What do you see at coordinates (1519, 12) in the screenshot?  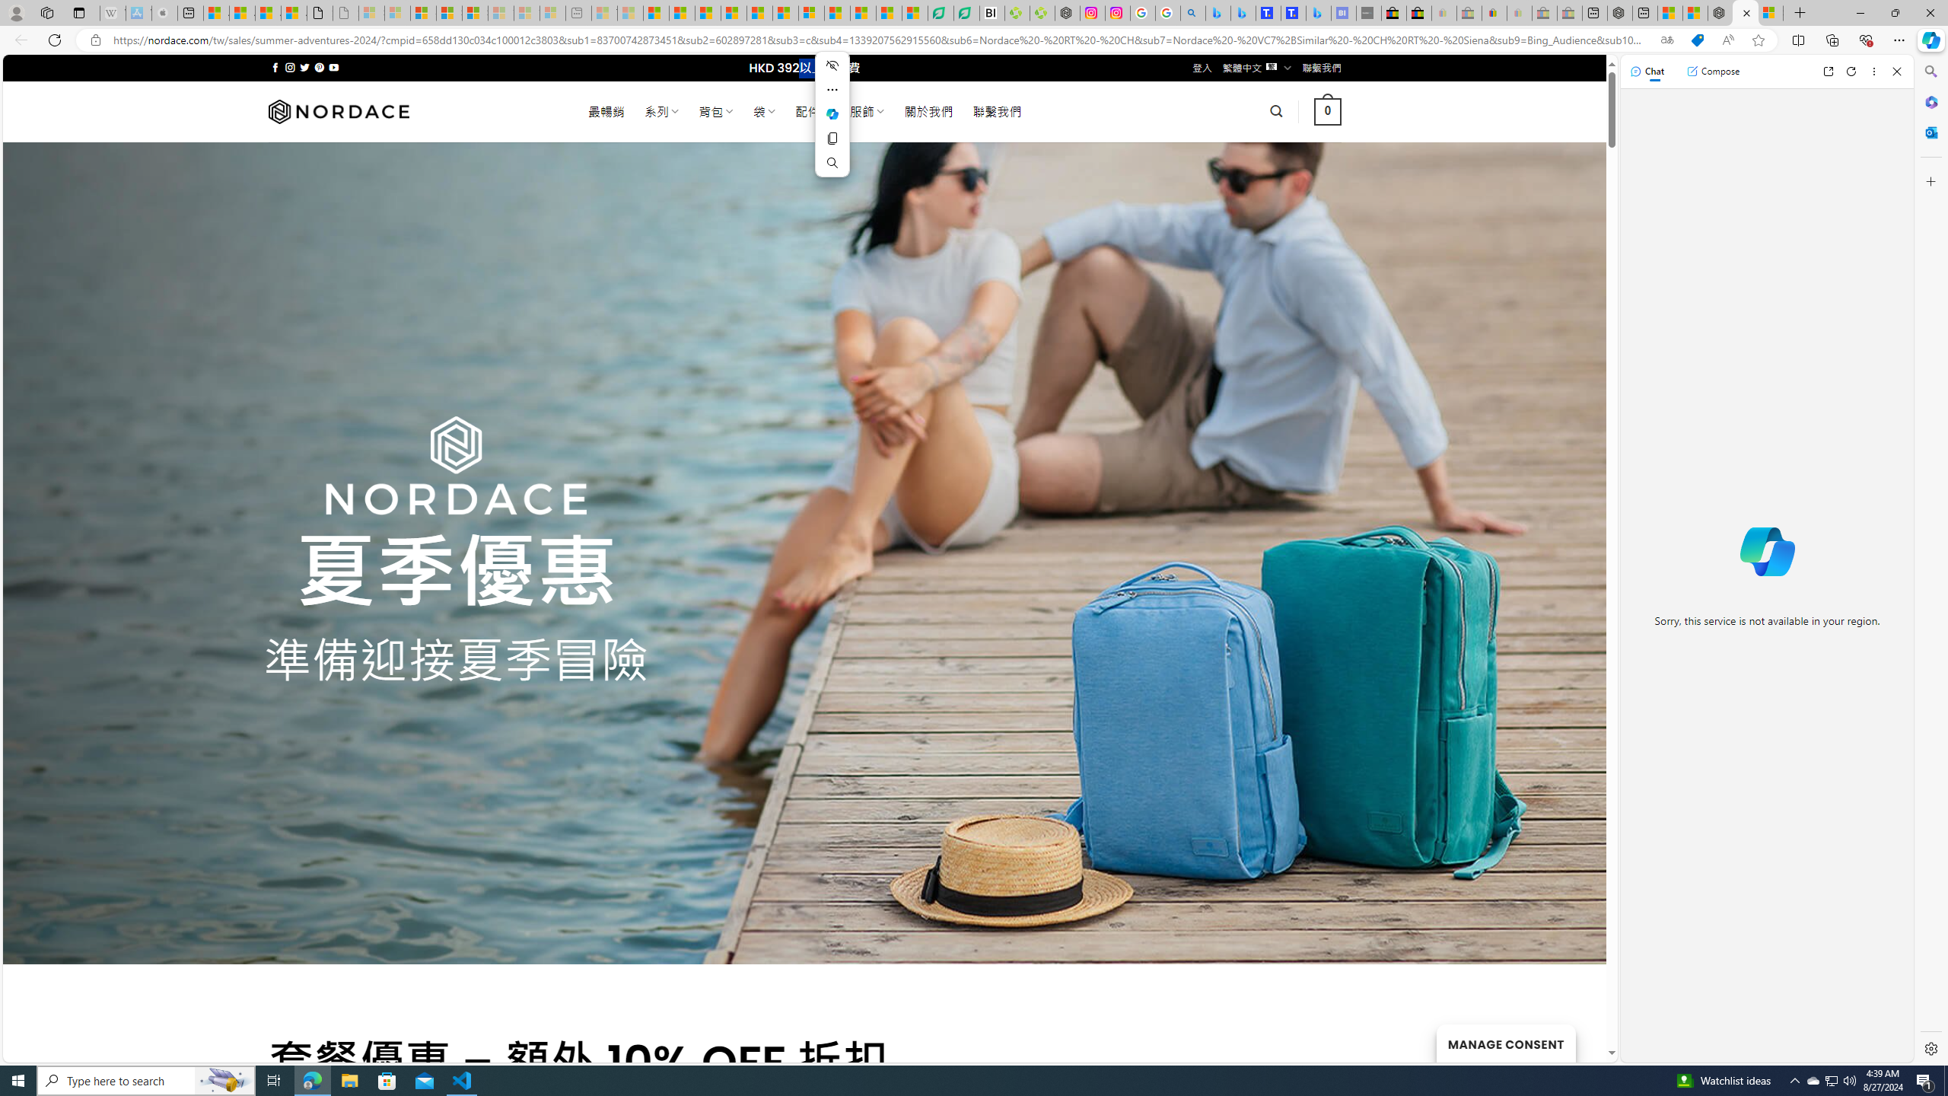 I see `'Payments Terms of Use | eBay.com - Sleeping'` at bounding box center [1519, 12].